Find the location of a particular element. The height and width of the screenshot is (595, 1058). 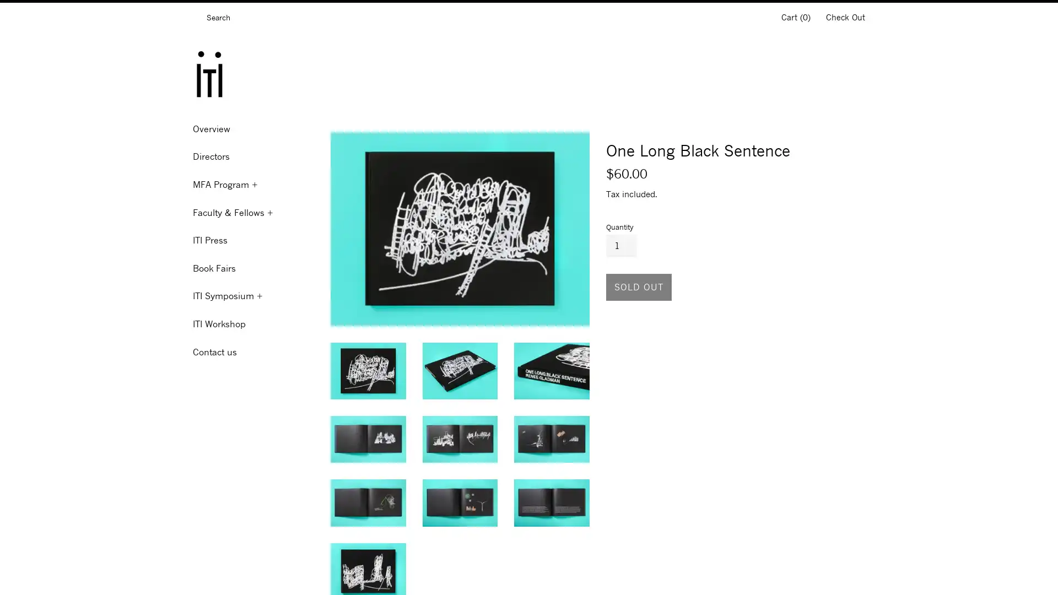

Search is located at coordinates (196, 19).